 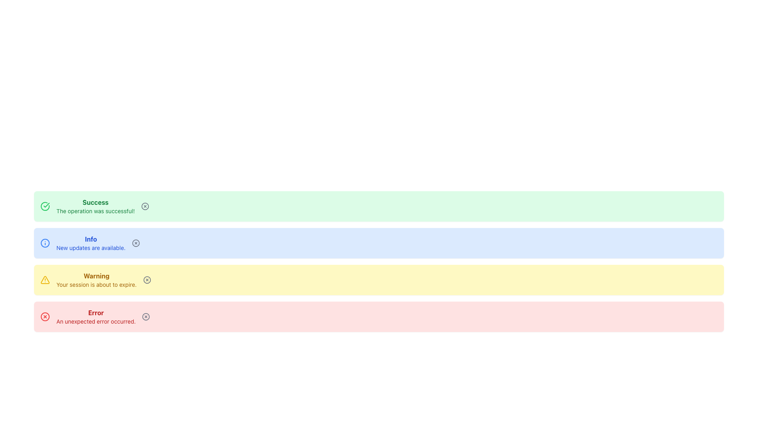 I want to click on text content of the bold 'Warning' text label located in the third section of notification messages, which has a yellow background, so click(x=96, y=276).